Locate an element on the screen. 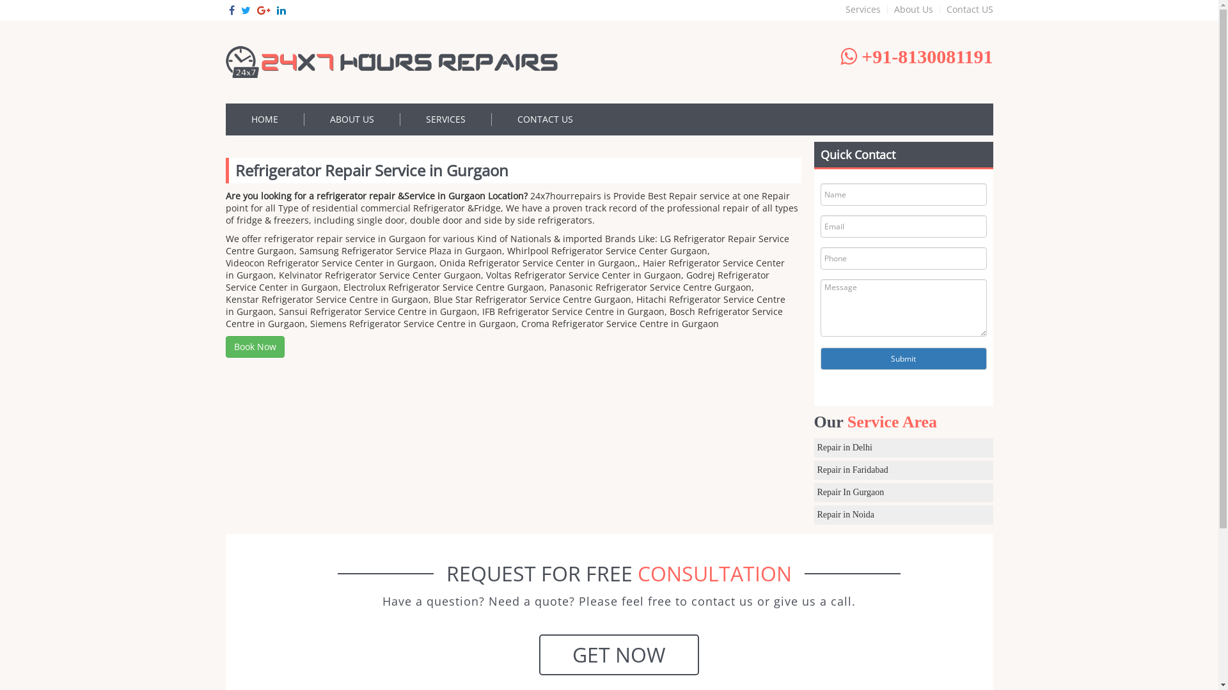 Image resolution: width=1228 pixels, height=690 pixels. 'Repair in Noida' is located at coordinates (902, 514).